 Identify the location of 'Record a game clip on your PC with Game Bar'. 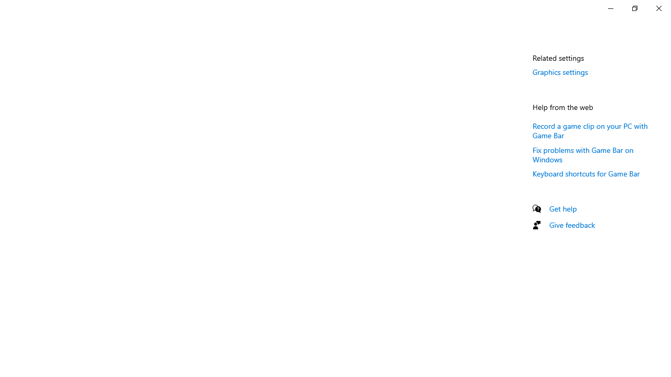
(590, 129).